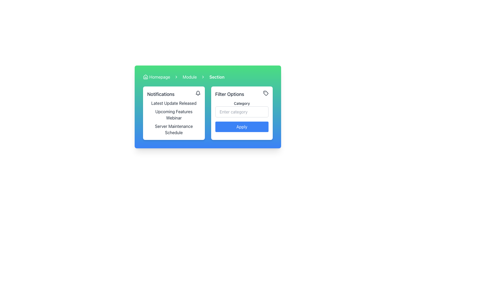 This screenshot has height=283, width=503. I want to click on the 'Apply' button in the 'Filter Options' section to observe the color change effect on its blue background, so click(242, 127).